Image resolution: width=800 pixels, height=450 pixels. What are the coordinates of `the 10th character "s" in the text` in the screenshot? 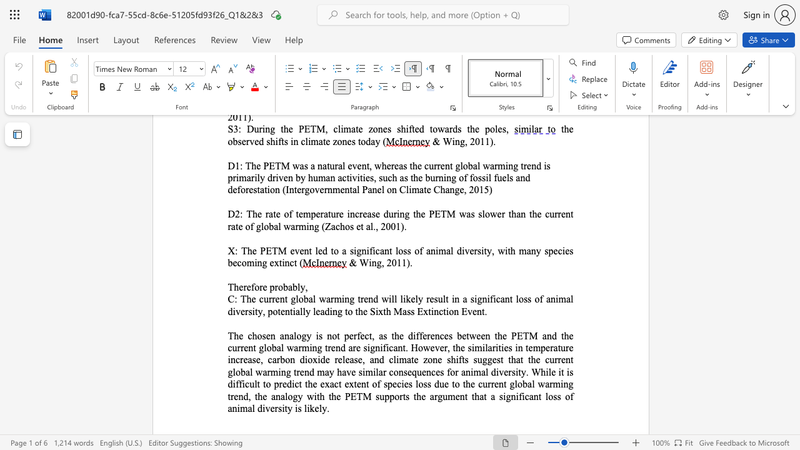 It's located at (359, 371).